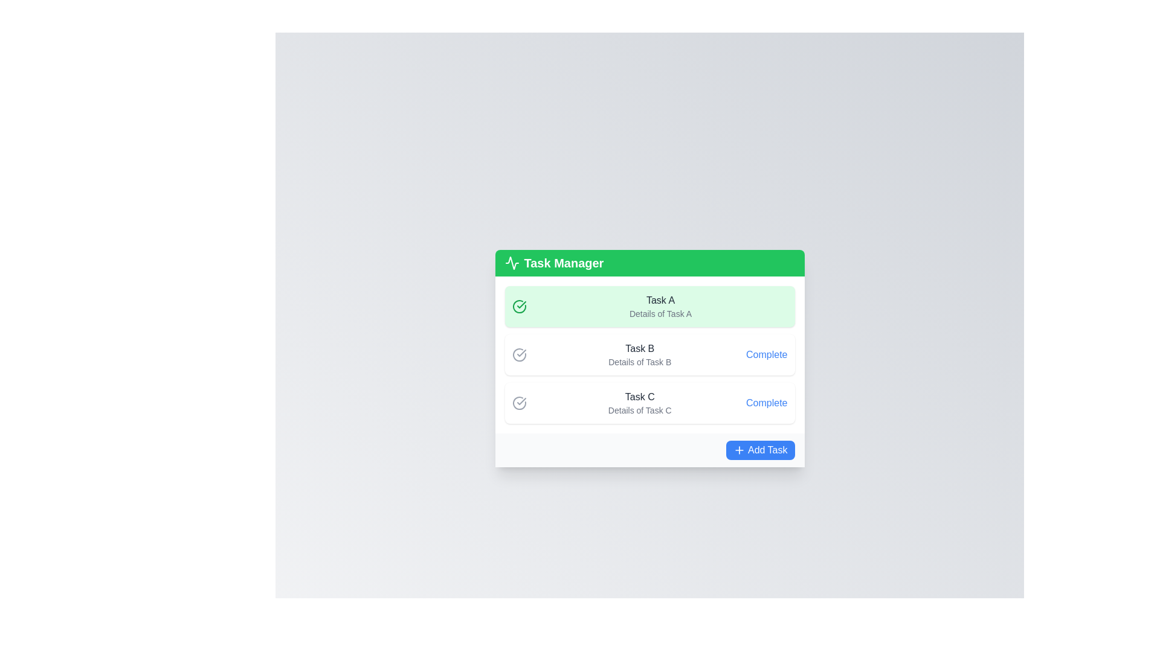 The image size is (1160, 652). I want to click on icon representing the addition or creation action located at the far right side of the 'Add Task' button to verify its design or adjust its styling, so click(739, 450).